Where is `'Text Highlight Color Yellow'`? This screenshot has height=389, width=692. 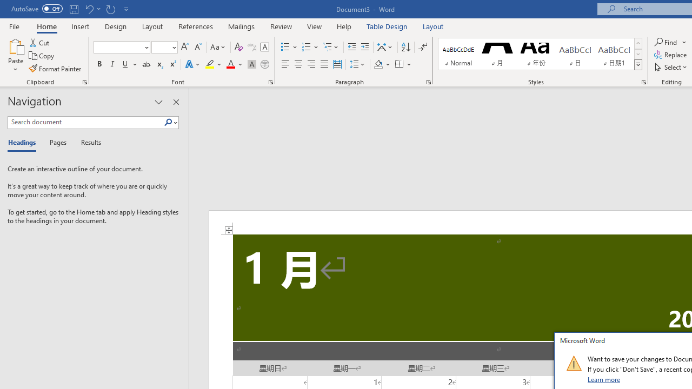
'Text Highlight Color Yellow' is located at coordinates (210, 64).